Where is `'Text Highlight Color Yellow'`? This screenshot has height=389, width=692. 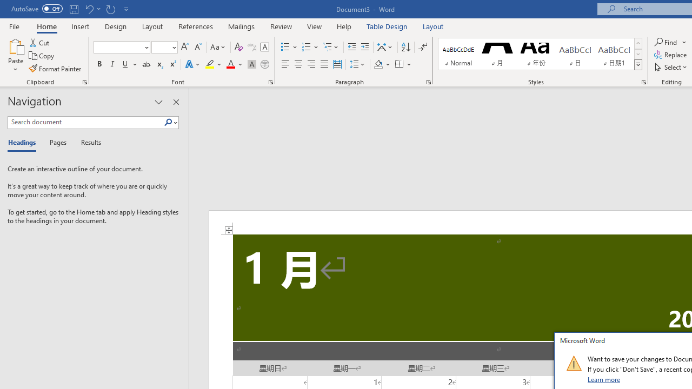
'Text Highlight Color Yellow' is located at coordinates (210, 64).